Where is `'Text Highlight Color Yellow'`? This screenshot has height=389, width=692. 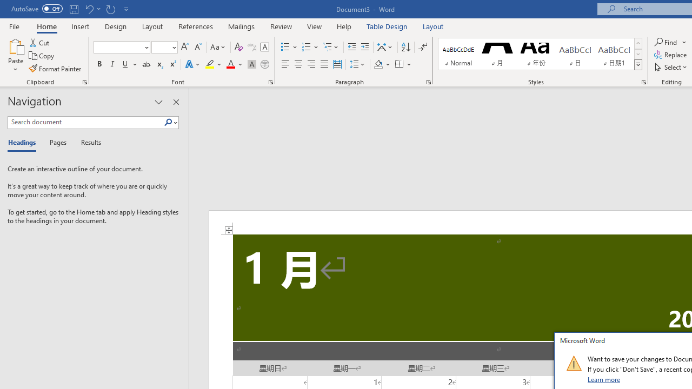
'Text Highlight Color Yellow' is located at coordinates (210, 64).